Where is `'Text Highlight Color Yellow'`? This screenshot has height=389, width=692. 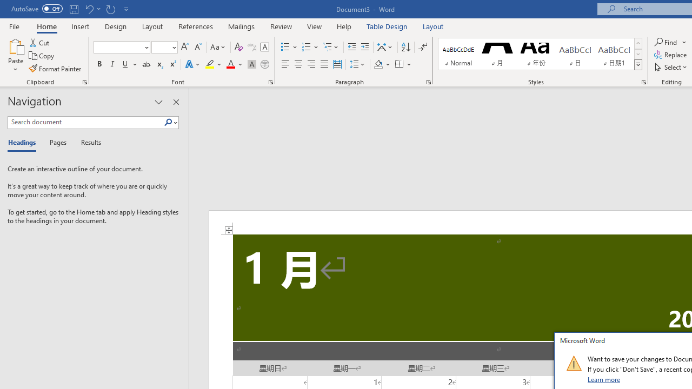
'Text Highlight Color Yellow' is located at coordinates (210, 64).